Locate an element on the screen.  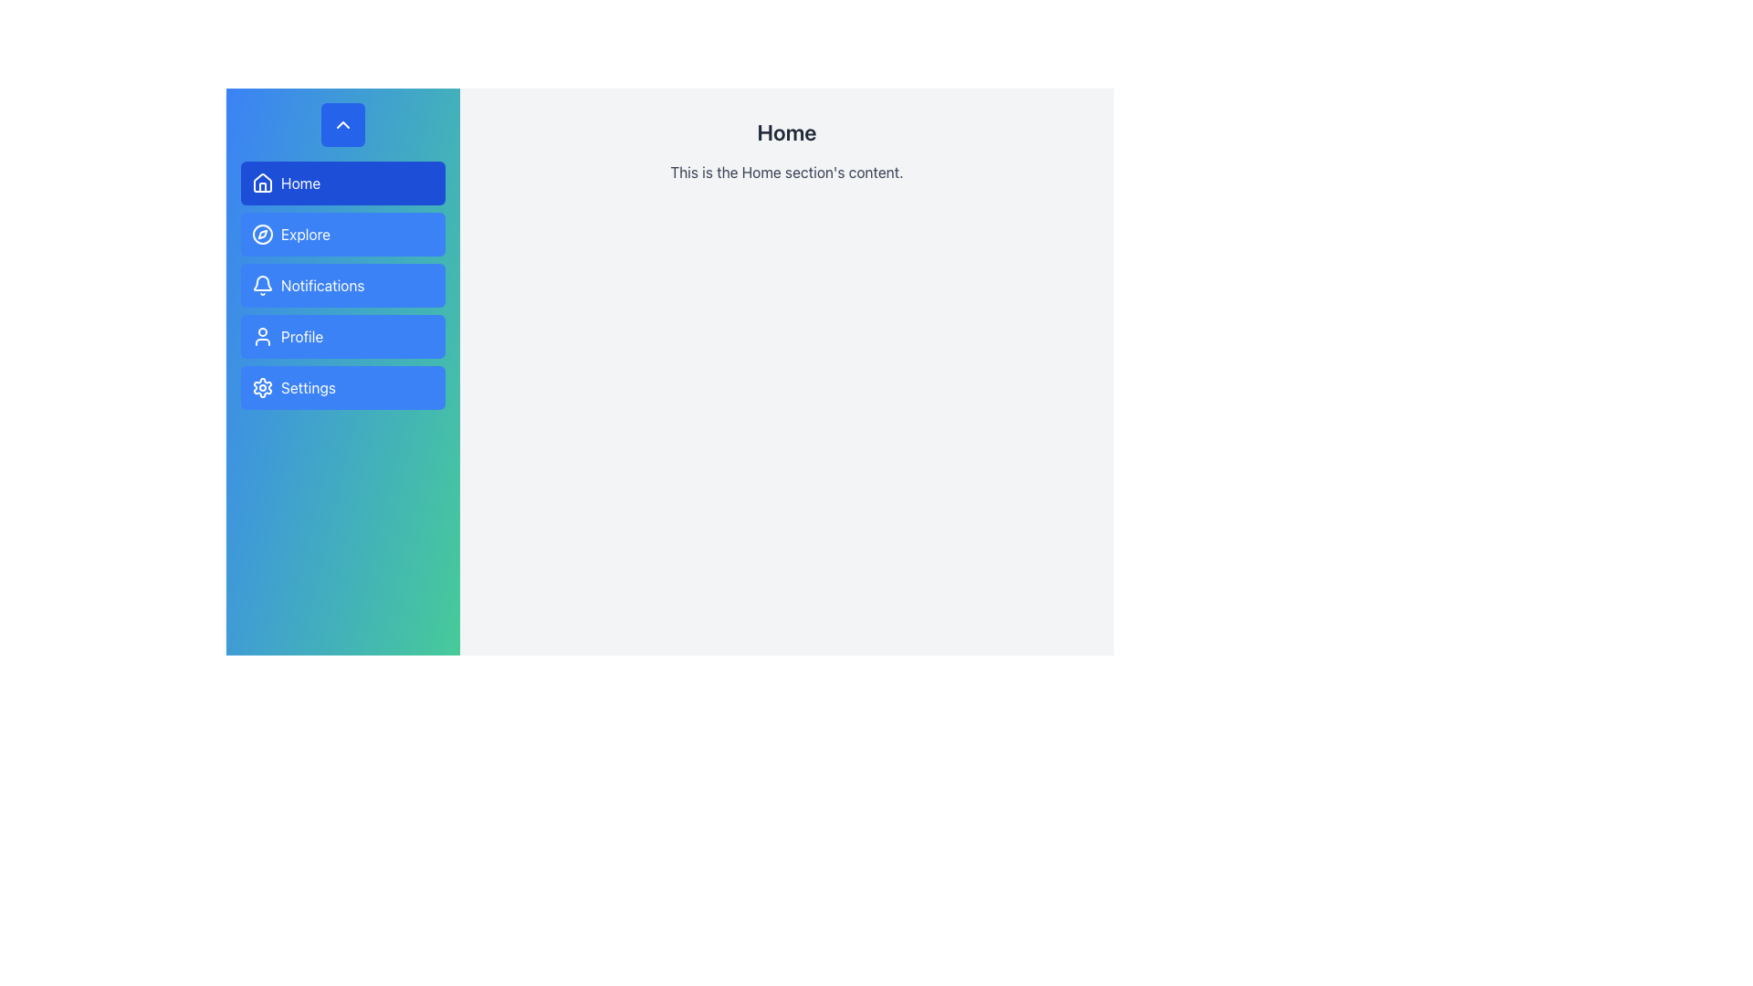
the text label 'Explore' which is positioned inside a button with a blue background is located at coordinates (306, 234).